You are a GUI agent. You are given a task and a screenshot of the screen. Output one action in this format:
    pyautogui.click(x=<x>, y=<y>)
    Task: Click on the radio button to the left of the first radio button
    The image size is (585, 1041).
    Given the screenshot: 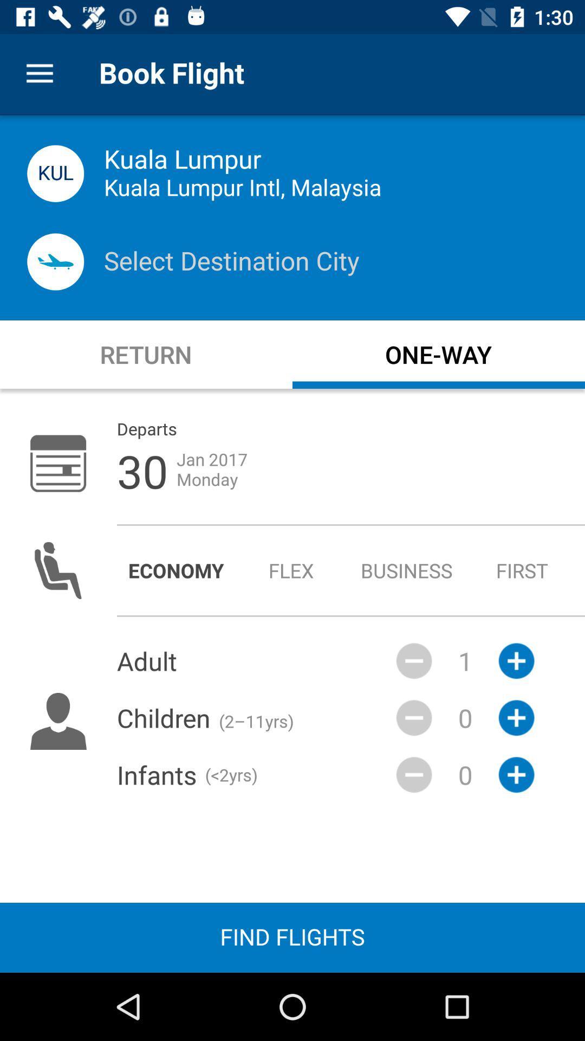 What is the action you would take?
    pyautogui.click(x=407, y=570)
    